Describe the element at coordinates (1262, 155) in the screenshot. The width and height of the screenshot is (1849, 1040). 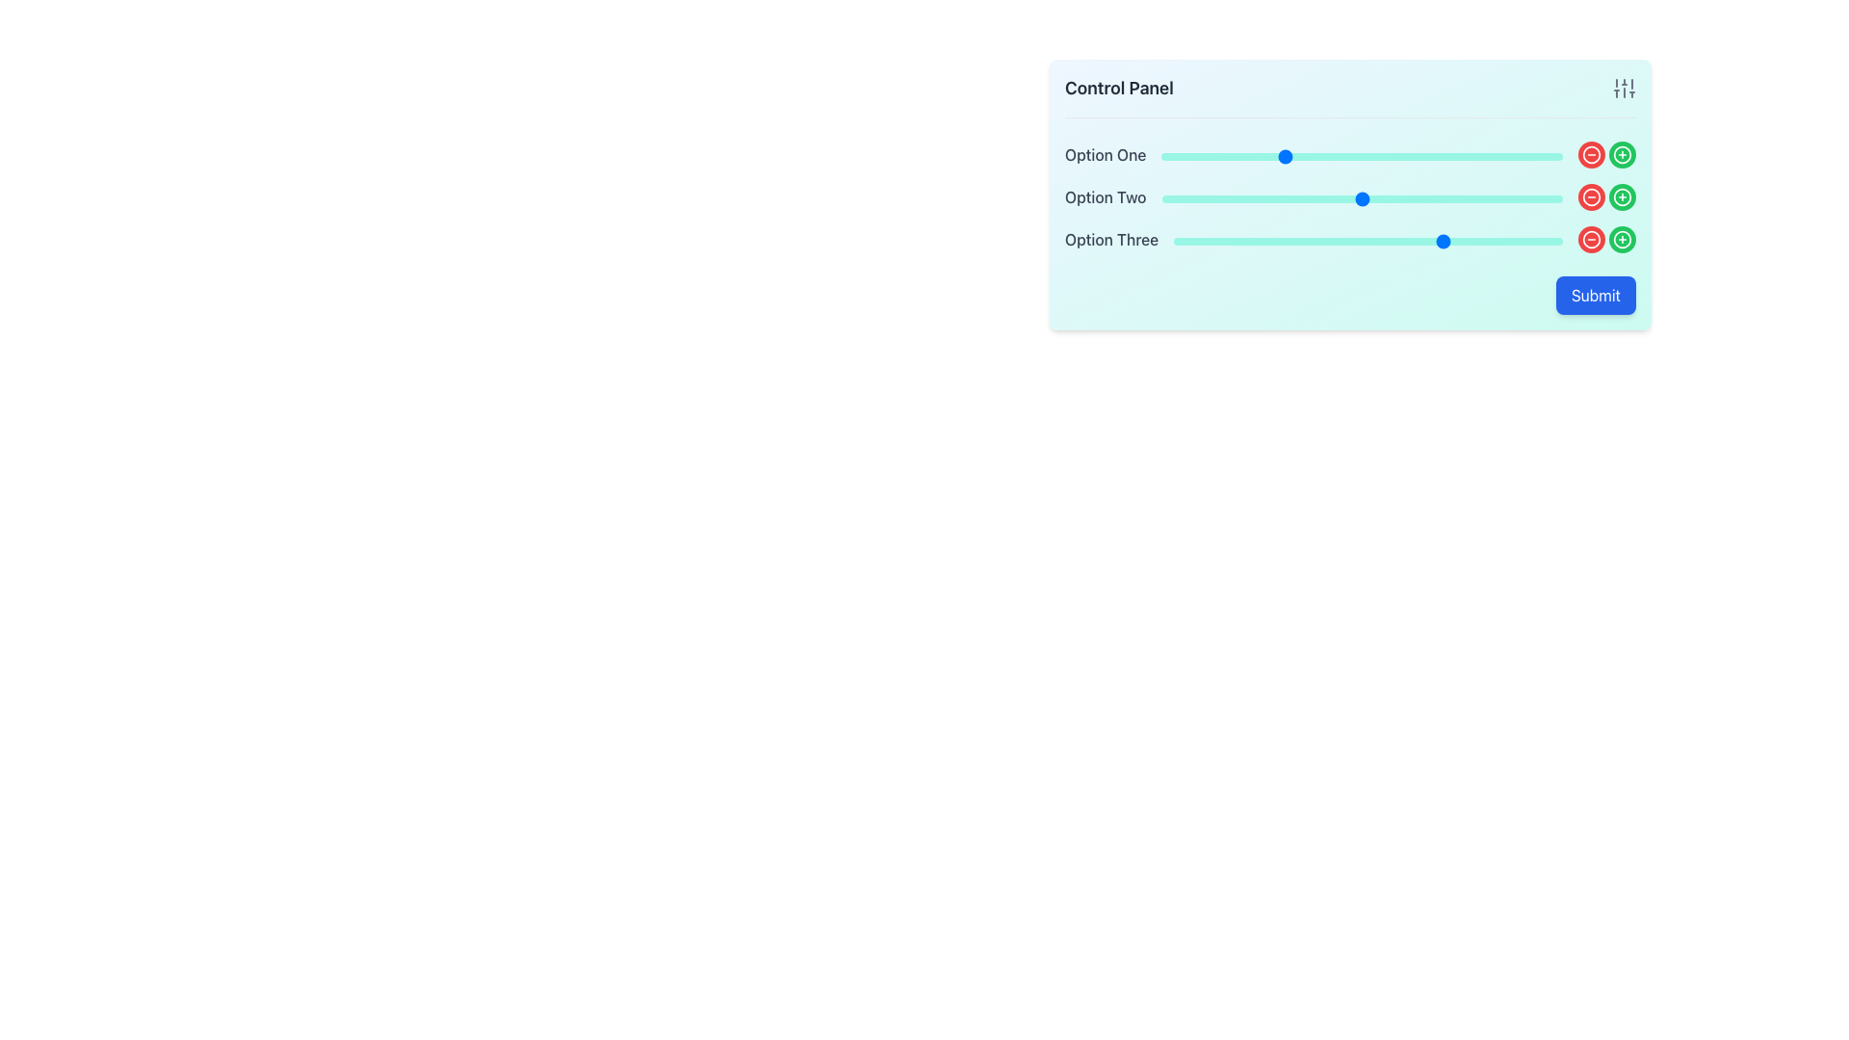
I see `the slider` at that location.